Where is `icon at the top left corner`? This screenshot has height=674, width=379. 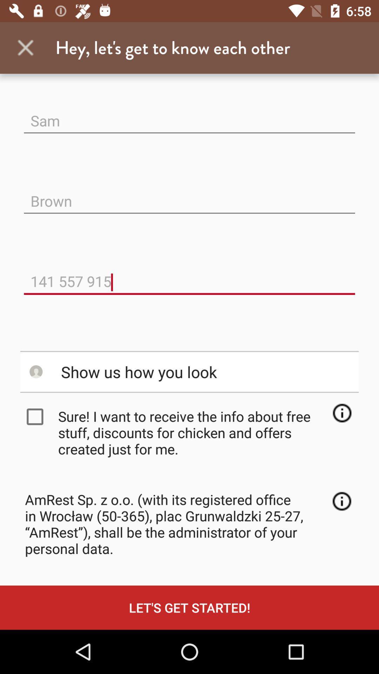 icon at the top left corner is located at coordinates (25, 47).